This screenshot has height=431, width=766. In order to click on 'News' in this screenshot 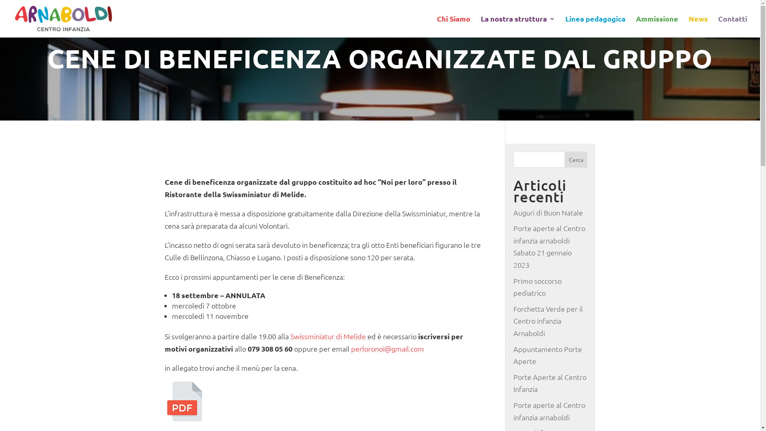, I will do `click(698, 26)`.